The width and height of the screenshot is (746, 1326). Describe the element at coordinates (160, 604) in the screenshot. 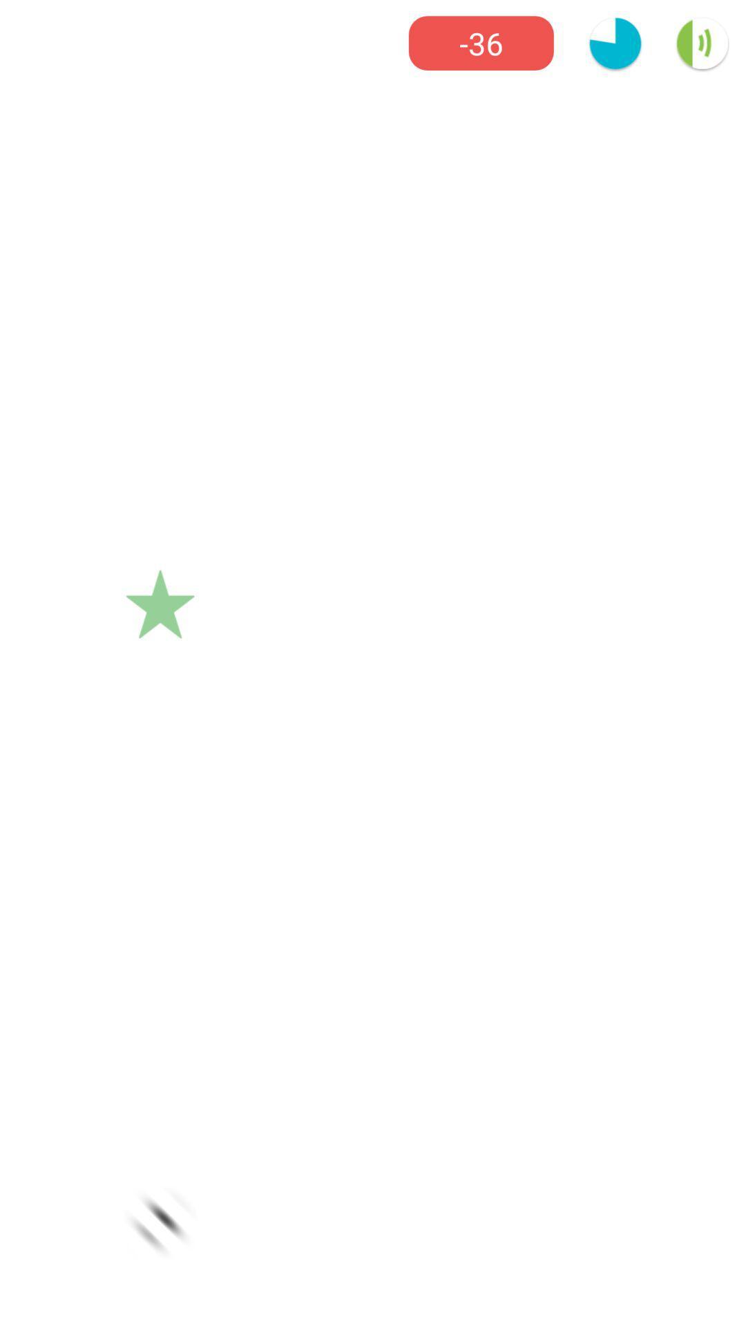

I see `the star icon` at that location.